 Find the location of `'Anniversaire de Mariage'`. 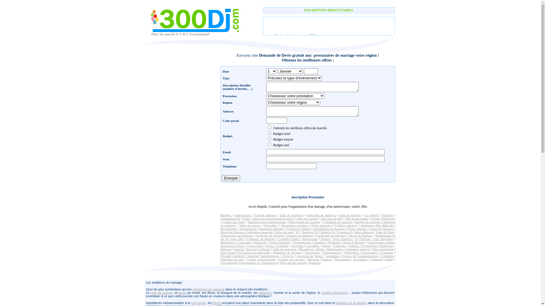

'Anniversaire de Mariage' is located at coordinates (237, 235).